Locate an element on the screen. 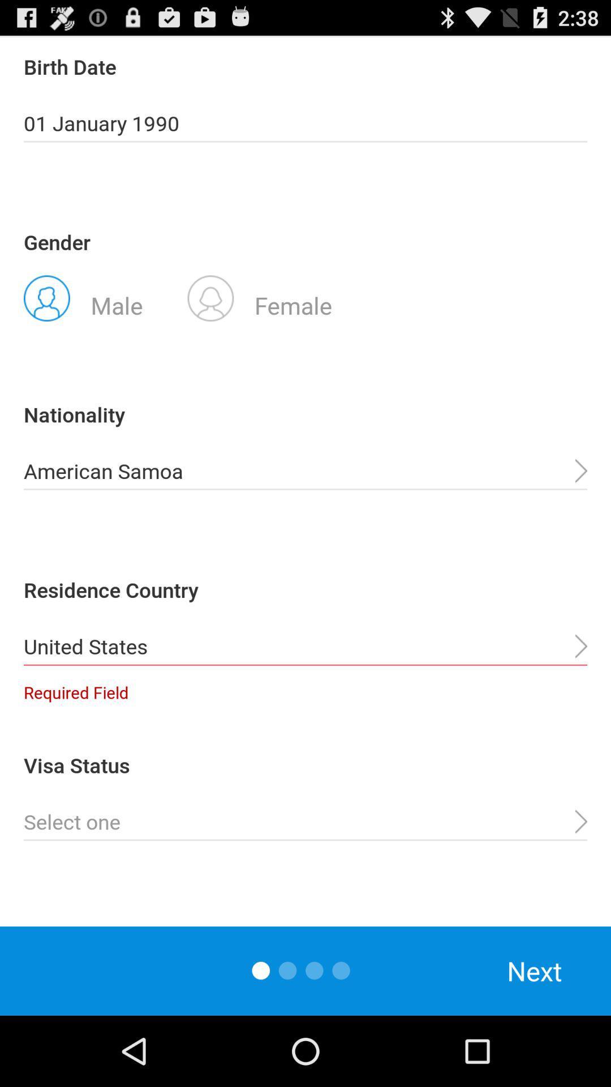 Image resolution: width=611 pixels, height=1087 pixels. the icon to the left of the female item is located at coordinates (83, 297).